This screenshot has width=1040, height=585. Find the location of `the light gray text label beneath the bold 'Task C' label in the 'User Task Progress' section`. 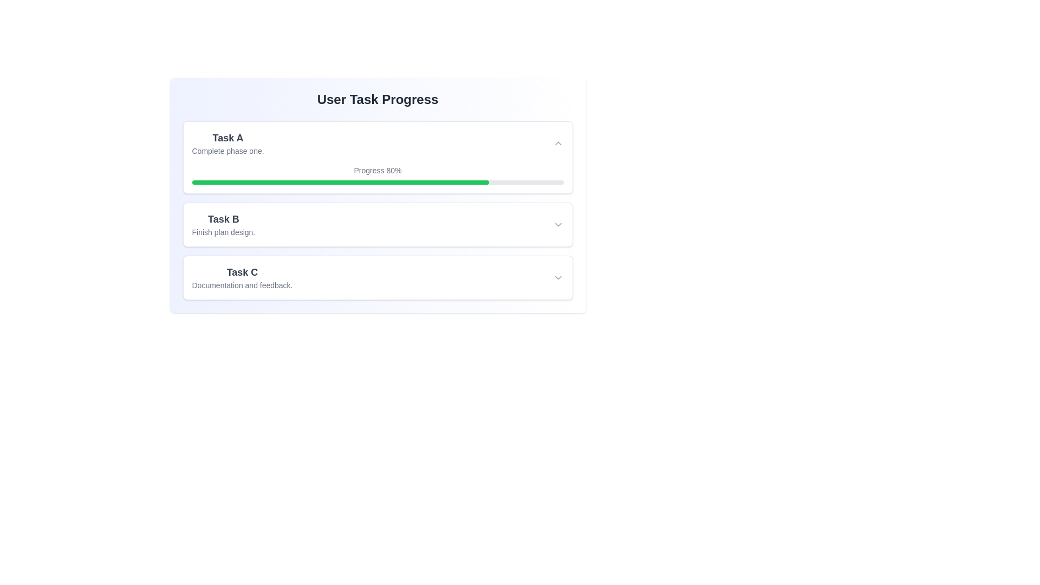

the light gray text label beneath the bold 'Task C' label in the 'User Task Progress' section is located at coordinates (242, 285).